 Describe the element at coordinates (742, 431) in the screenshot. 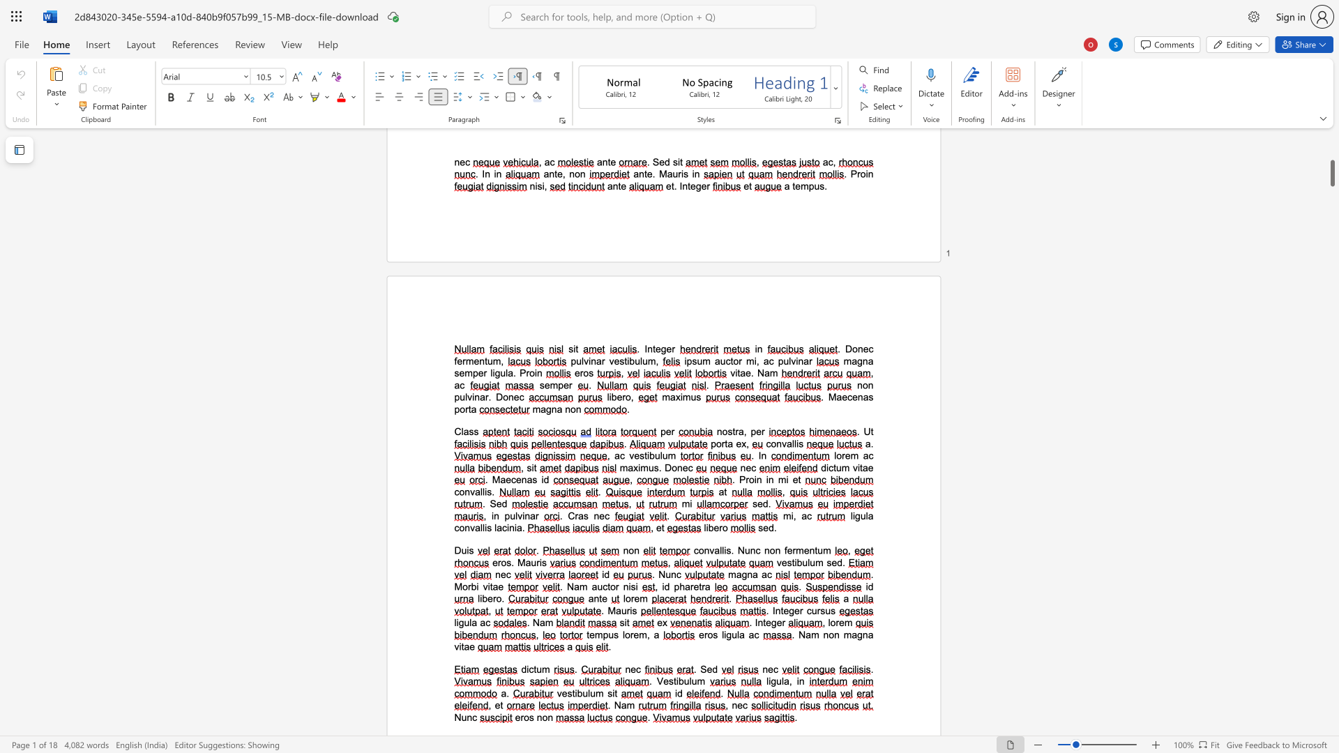

I see `the space between the continuous character "a" and "," in the text` at that location.